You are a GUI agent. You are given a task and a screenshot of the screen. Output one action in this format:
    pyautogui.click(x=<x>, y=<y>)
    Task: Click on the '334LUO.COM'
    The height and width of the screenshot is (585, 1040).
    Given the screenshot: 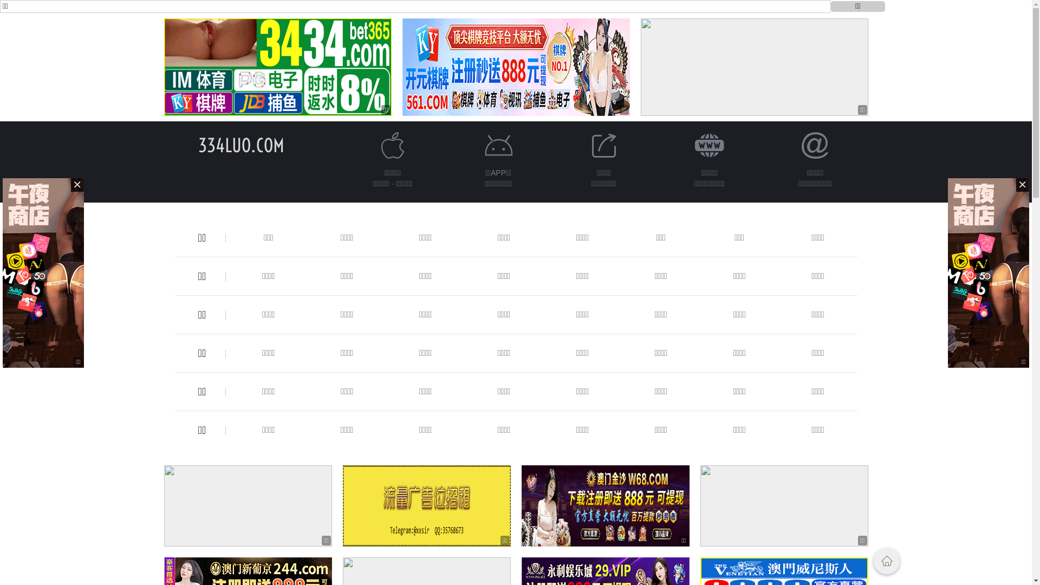 What is the action you would take?
    pyautogui.click(x=240, y=145)
    